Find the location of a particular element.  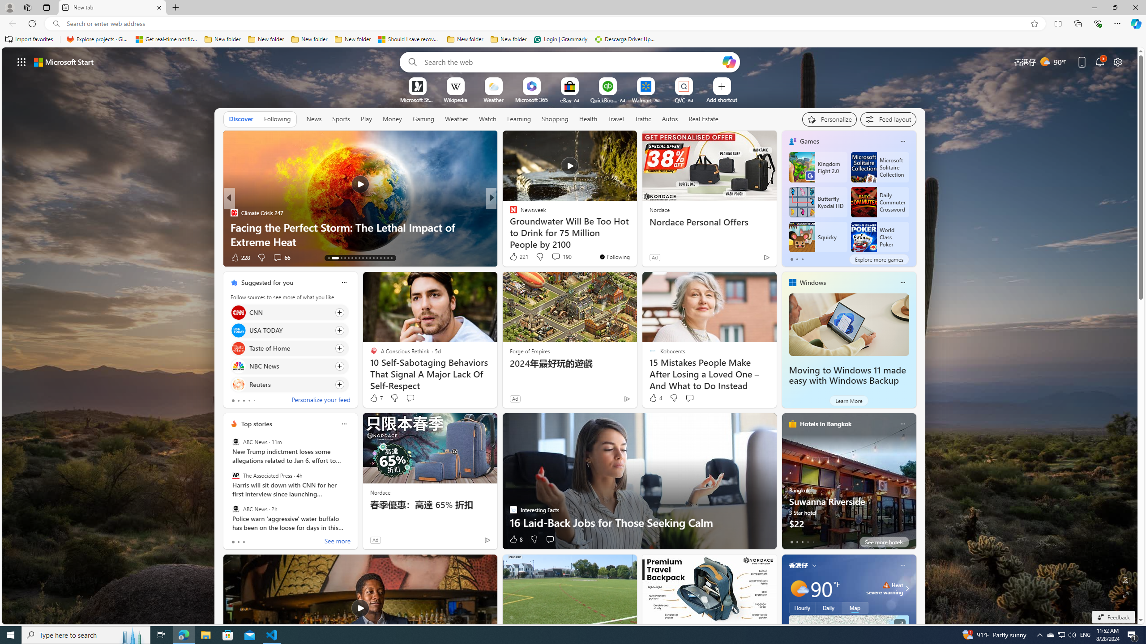

'New folder' is located at coordinates (509, 39).